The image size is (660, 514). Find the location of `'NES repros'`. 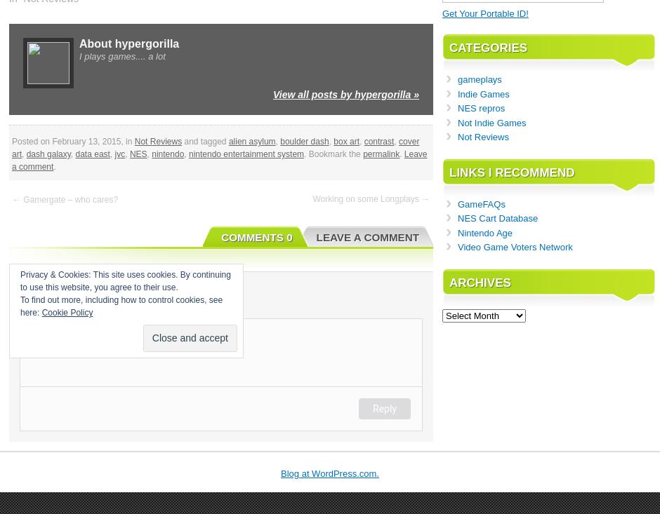

'NES repros' is located at coordinates (480, 107).